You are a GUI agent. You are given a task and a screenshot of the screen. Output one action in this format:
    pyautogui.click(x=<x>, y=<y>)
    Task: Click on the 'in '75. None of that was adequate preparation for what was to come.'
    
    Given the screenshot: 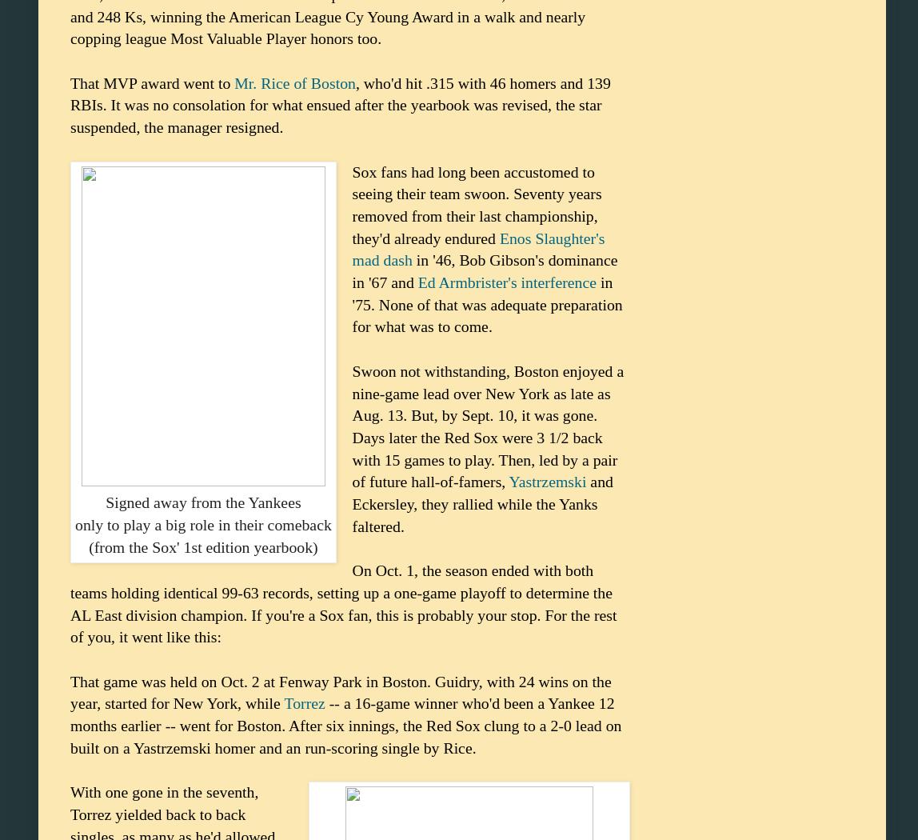 What is the action you would take?
    pyautogui.click(x=487, y=304)
    